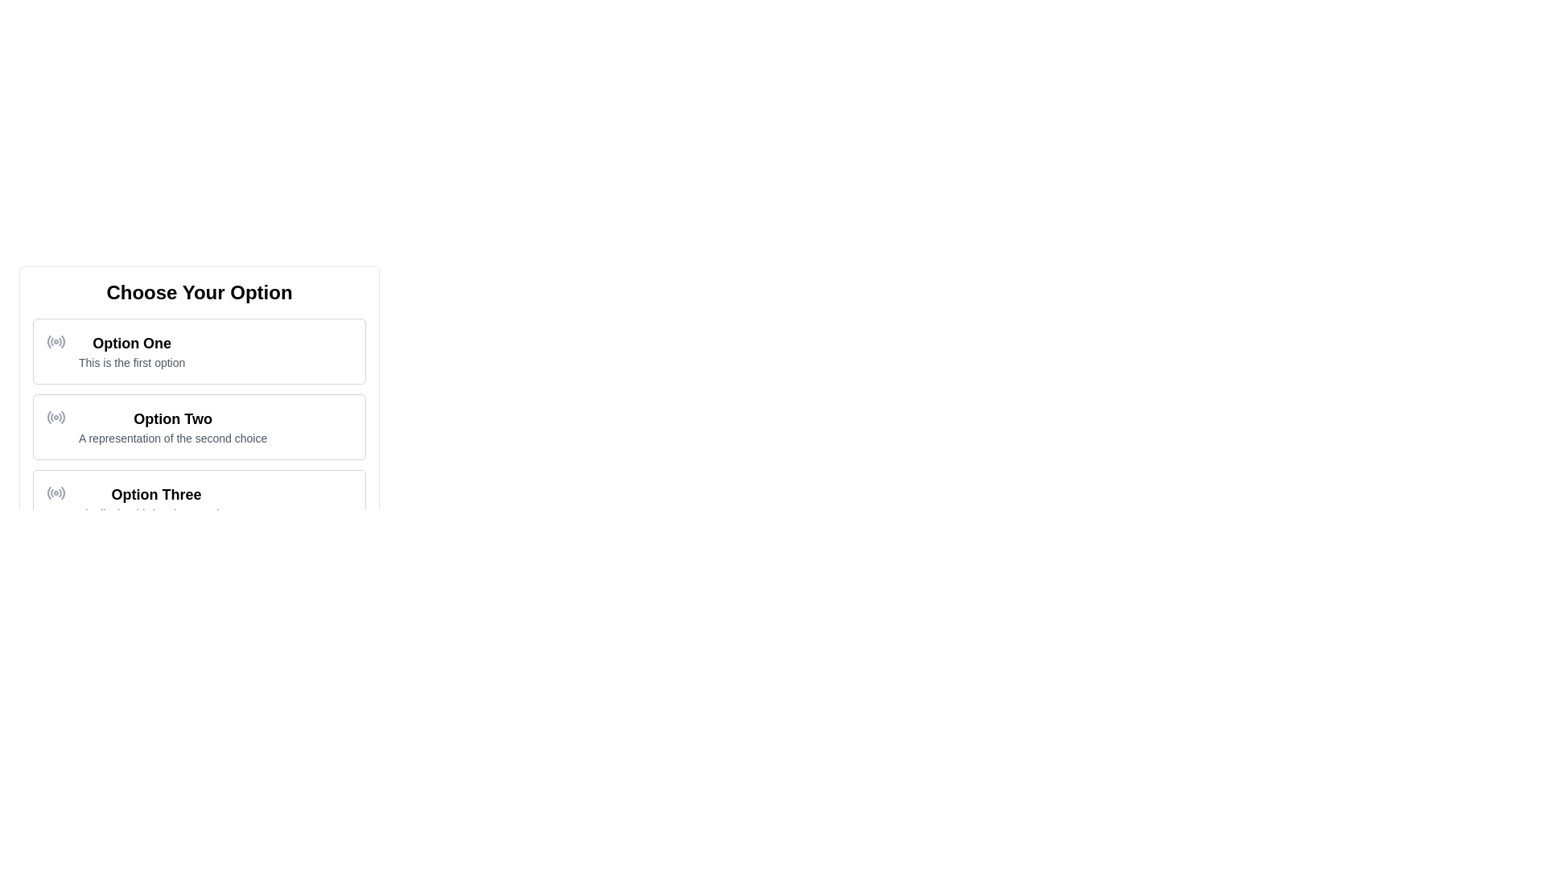  What do you see at coordinates (63, 340) in the screenshot?
I see `the visual representation of the radio button icon element, which is a curved line segment part of a radiating pattern located near the 'Option One' text` at bounding box center [63, 340].